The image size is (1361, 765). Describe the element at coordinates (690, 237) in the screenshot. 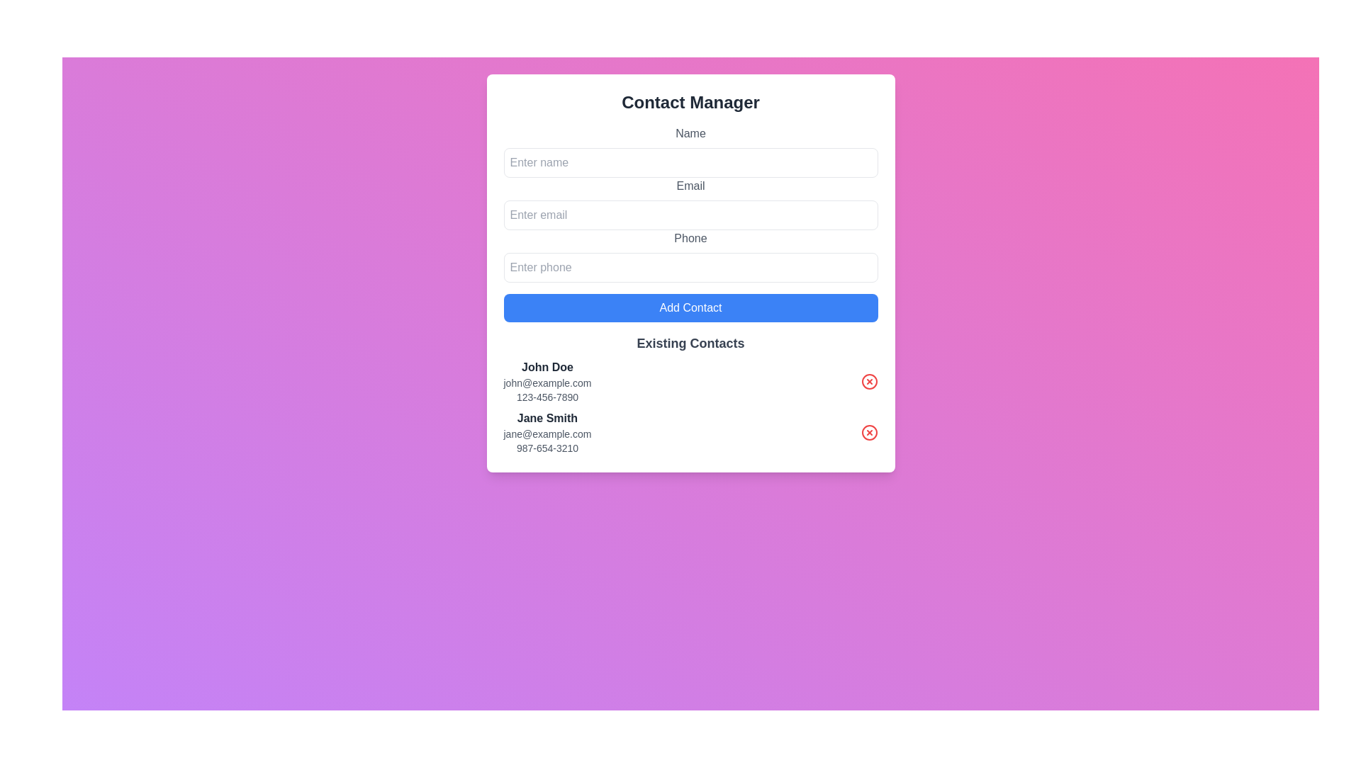

I see `the Text Label indicating the purpose of the phone number input field, which is located above the phone input field and below the Email input field's label` at that location.